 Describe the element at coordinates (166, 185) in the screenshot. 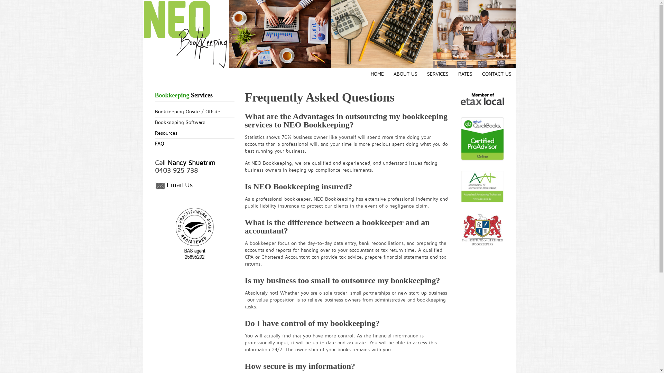

I see `'Email Us'` at that location.